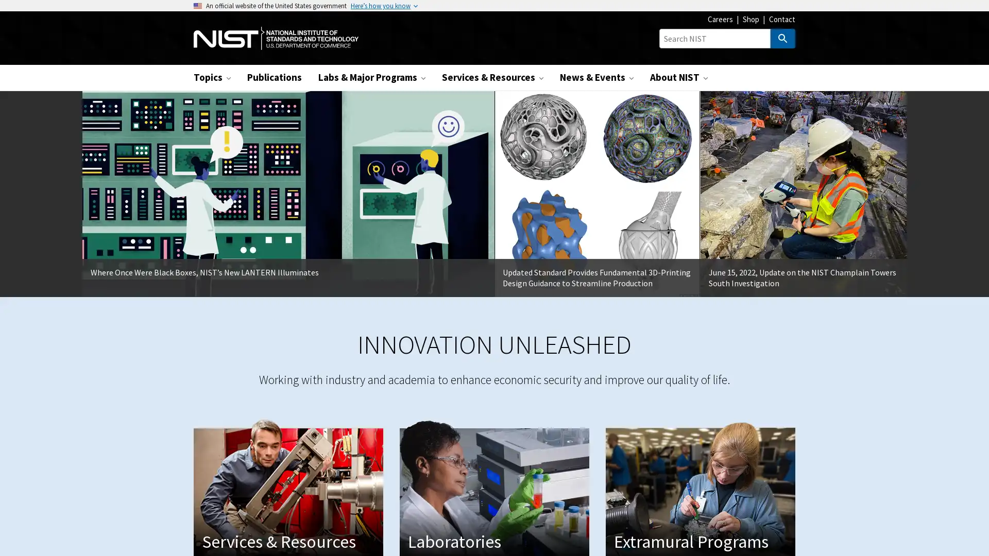  Describe the element at coordinates (596, 77) in the screenshot. I see `News & Events` at that location.